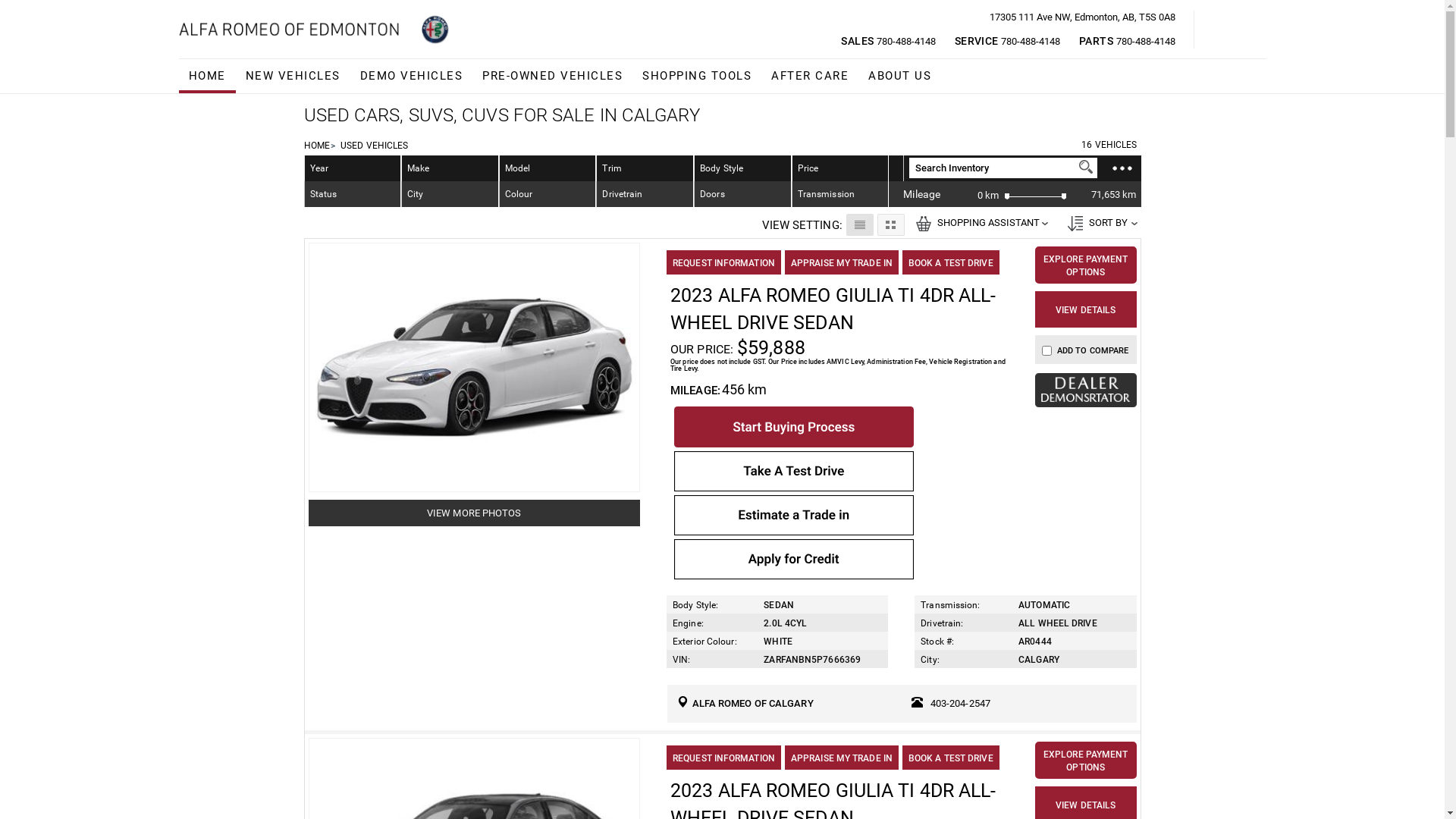 This screenshot has height=819, width=1456. I want to click on 'HOME', so click(178, 76).